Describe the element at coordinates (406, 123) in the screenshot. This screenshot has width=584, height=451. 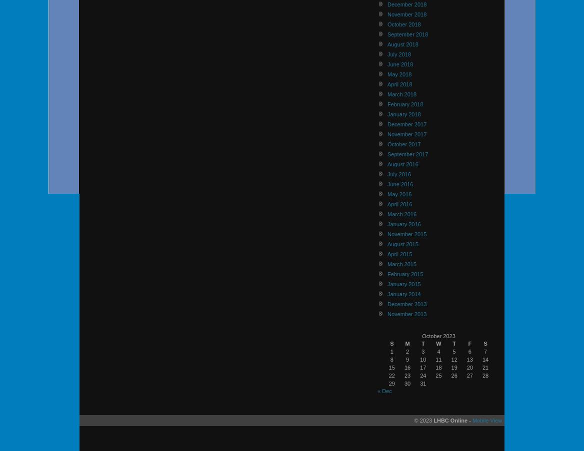
I see `'December 2017'` at that location.